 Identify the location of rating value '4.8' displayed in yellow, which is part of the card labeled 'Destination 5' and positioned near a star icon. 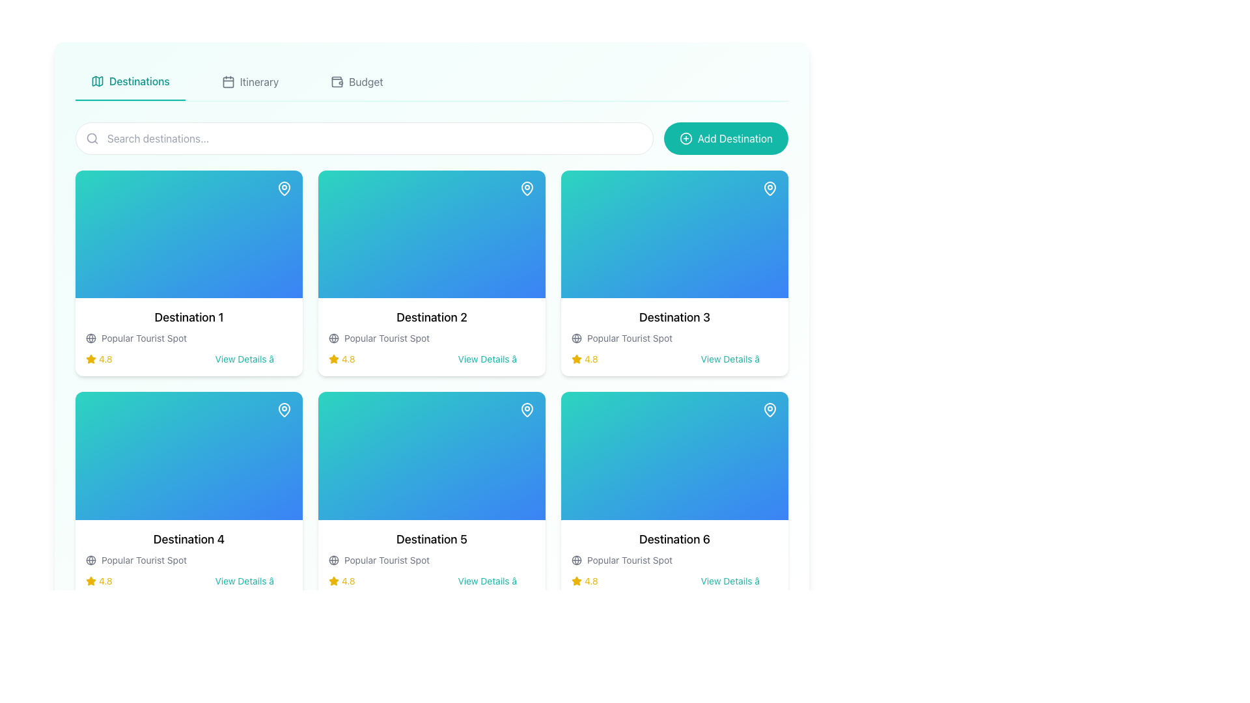
(342, 580).